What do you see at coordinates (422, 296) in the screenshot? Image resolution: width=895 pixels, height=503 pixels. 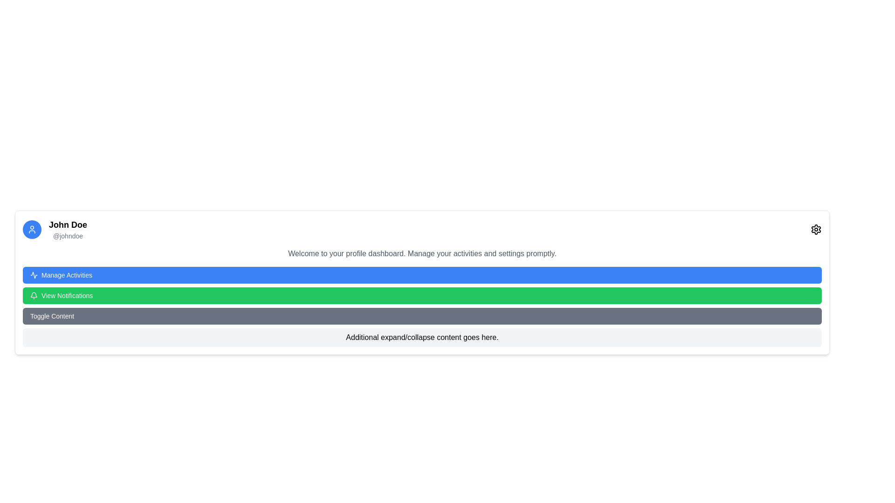 I see `the green button labeled 'View Notifications', which is located below the 'Manage Activities' button and above the 'Toggle Content' button` at bounding box center [422, 296].